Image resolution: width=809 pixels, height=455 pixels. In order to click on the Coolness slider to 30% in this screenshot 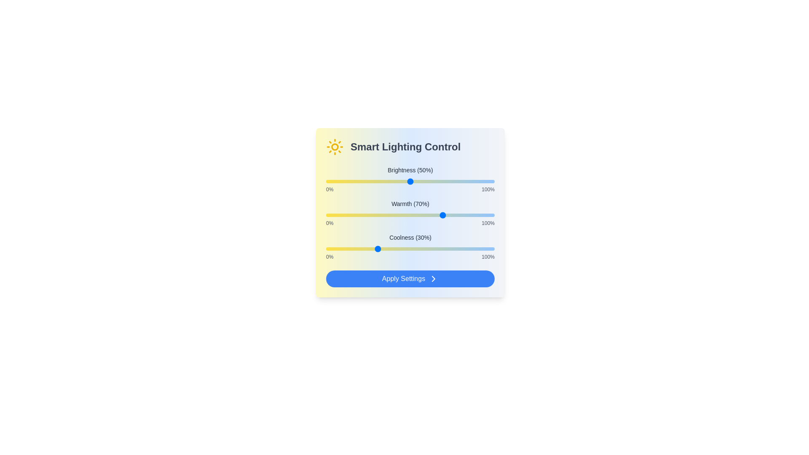, I will do `click(376, 248)`.